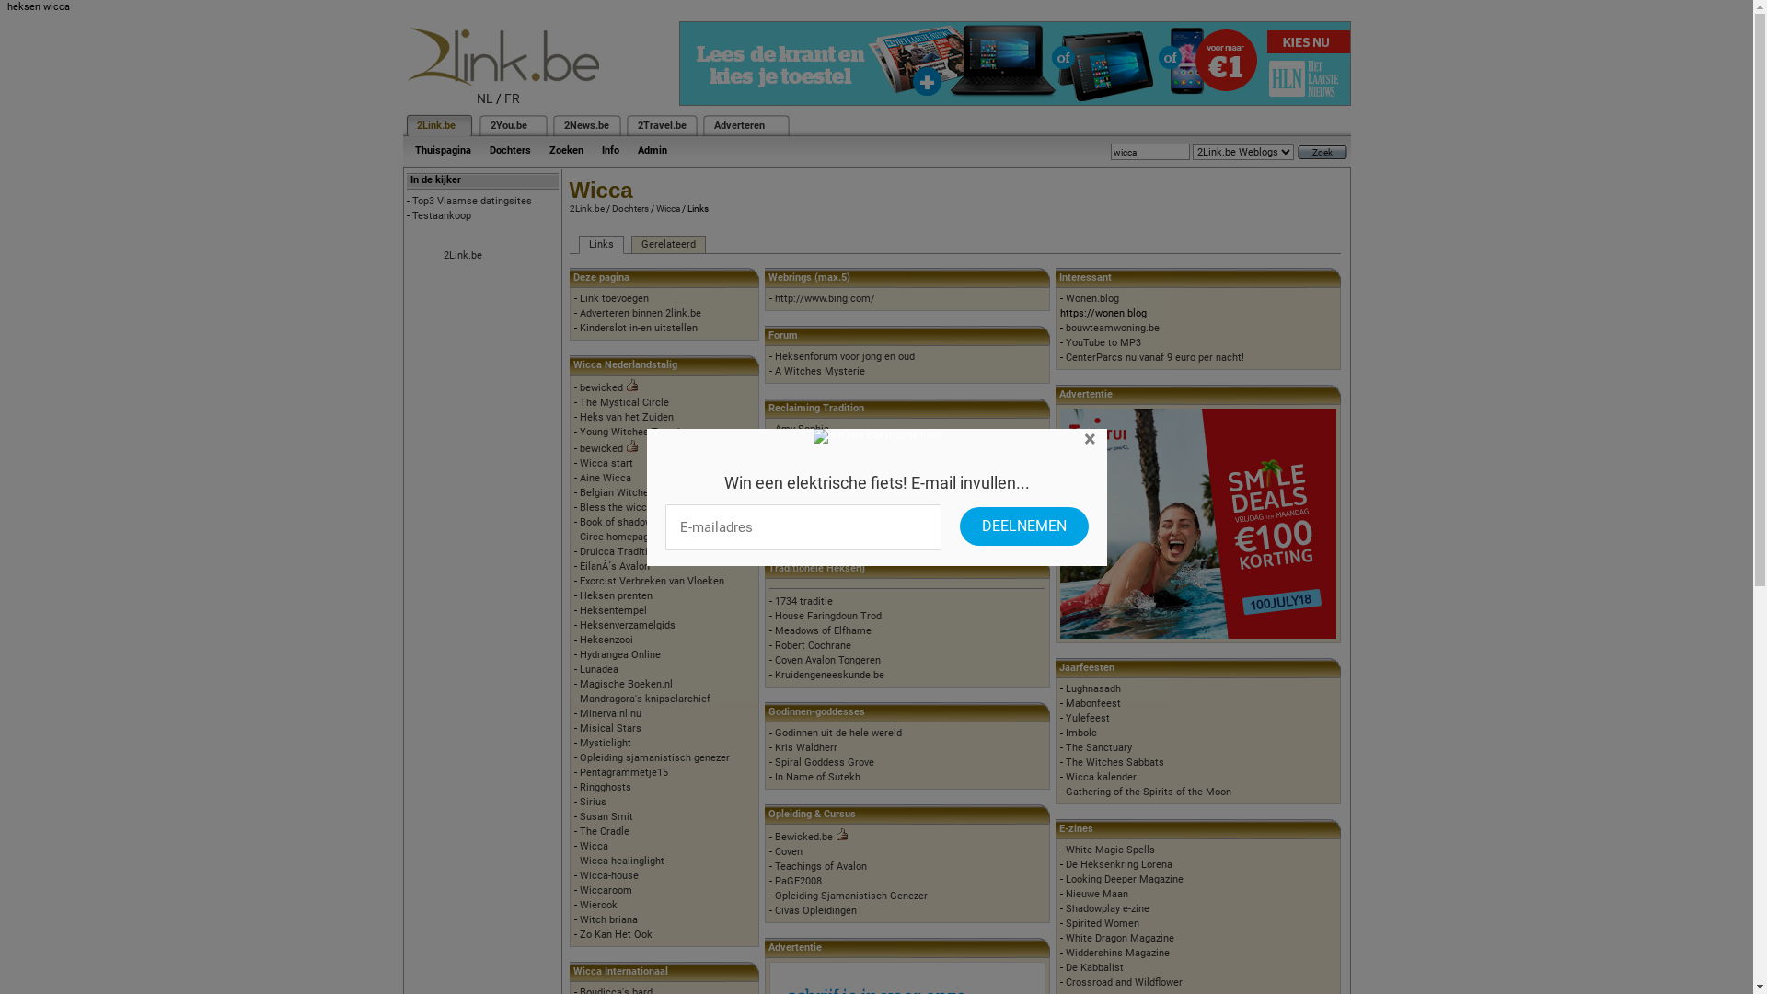 The width and height of the screenshot is (1767, 994). Describe the element at coordinates (617, 550) in the screenshot. I see `'Druicca Traditie'` at that location.